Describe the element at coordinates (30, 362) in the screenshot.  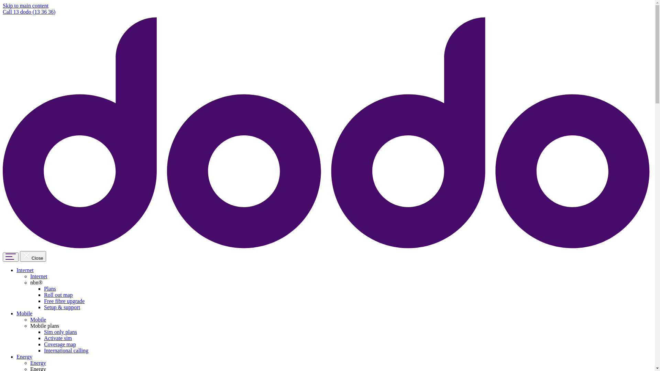
I see `'Energy'` at that location.